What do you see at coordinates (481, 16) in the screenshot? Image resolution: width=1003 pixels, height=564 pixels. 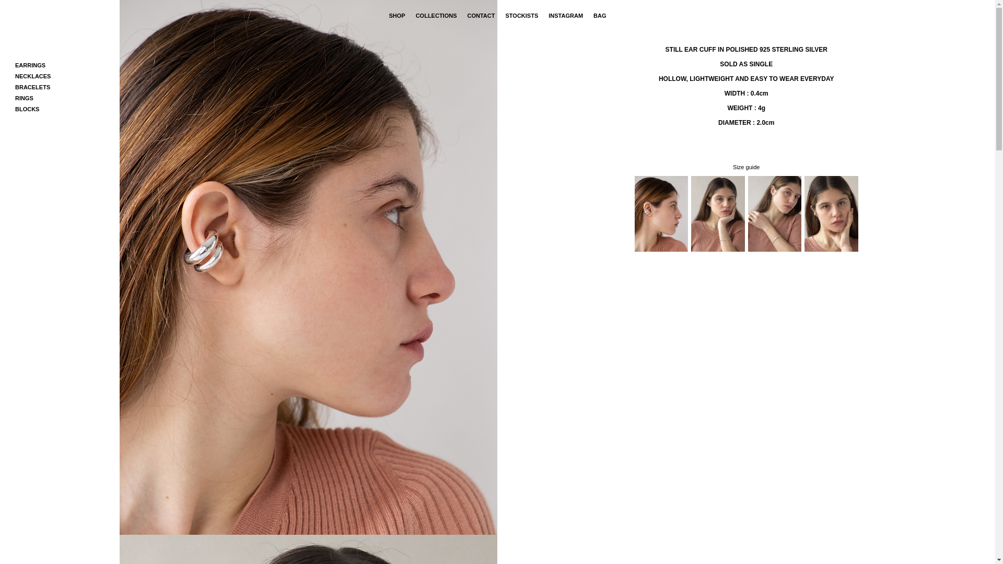 I see `'CONTACT'` at bounding box center [481, 16].